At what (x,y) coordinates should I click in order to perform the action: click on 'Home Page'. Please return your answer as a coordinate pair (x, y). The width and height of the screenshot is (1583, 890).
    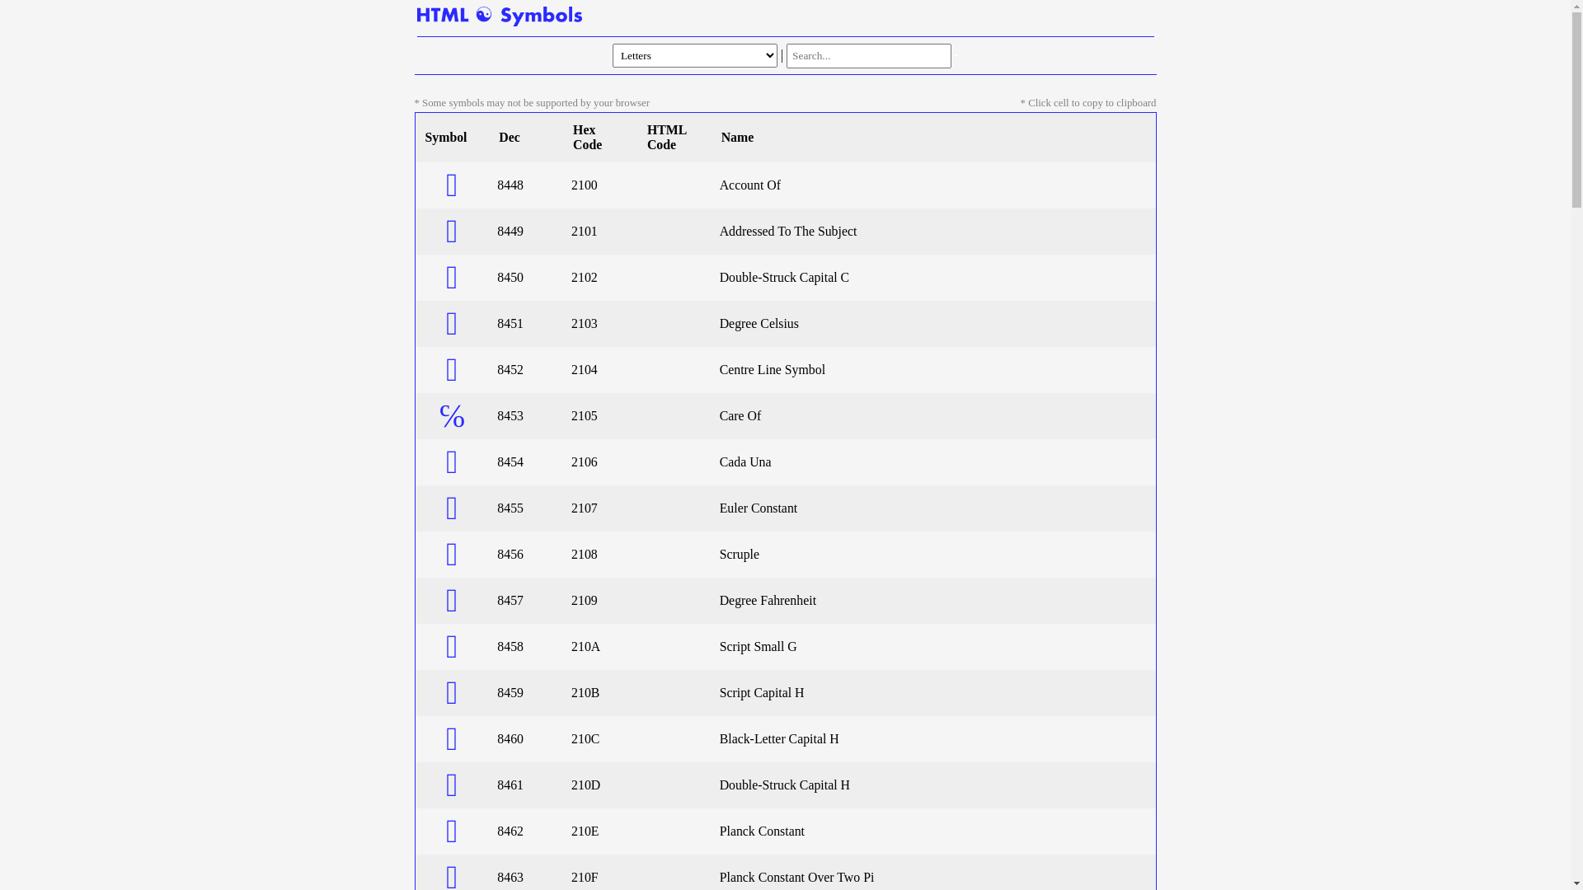
    Looking at the image, I should click on (416, 16).